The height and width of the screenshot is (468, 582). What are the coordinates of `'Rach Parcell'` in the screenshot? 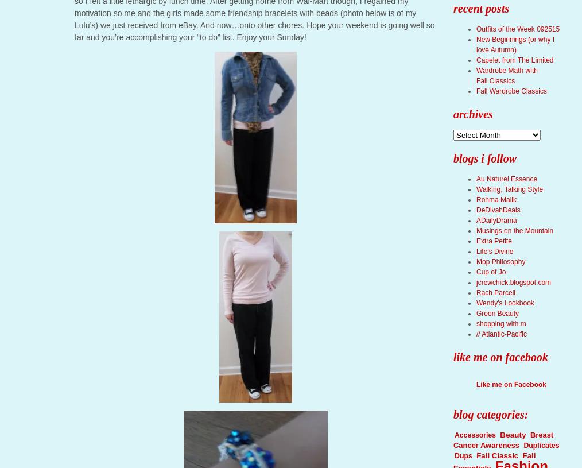 It's located at (495, 293).